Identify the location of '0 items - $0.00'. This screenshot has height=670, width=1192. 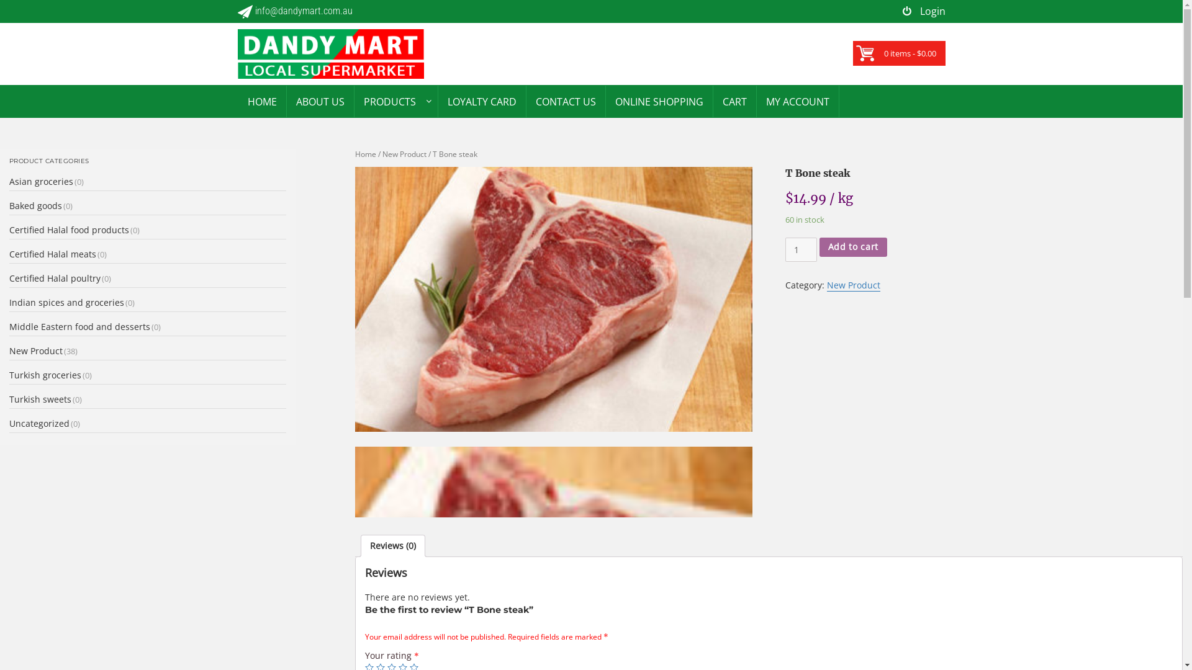
(883, 52).